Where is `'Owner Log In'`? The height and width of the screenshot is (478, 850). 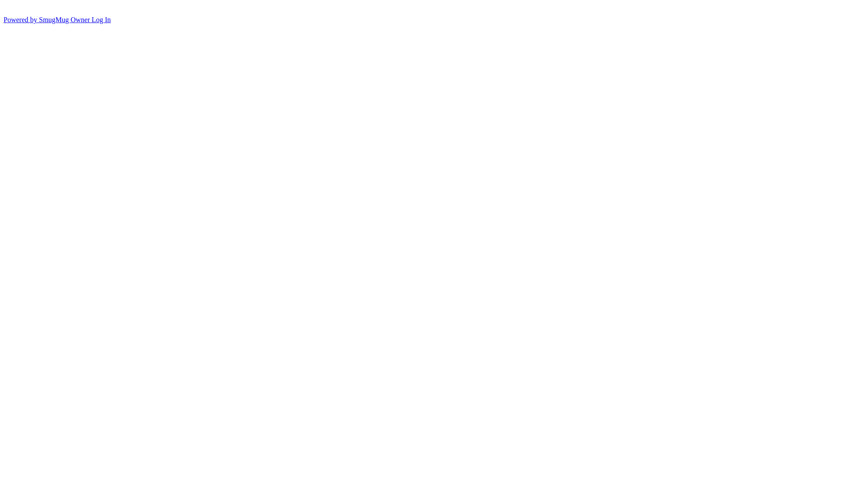
'Owner Log In' is located at coordinates (91, 19).